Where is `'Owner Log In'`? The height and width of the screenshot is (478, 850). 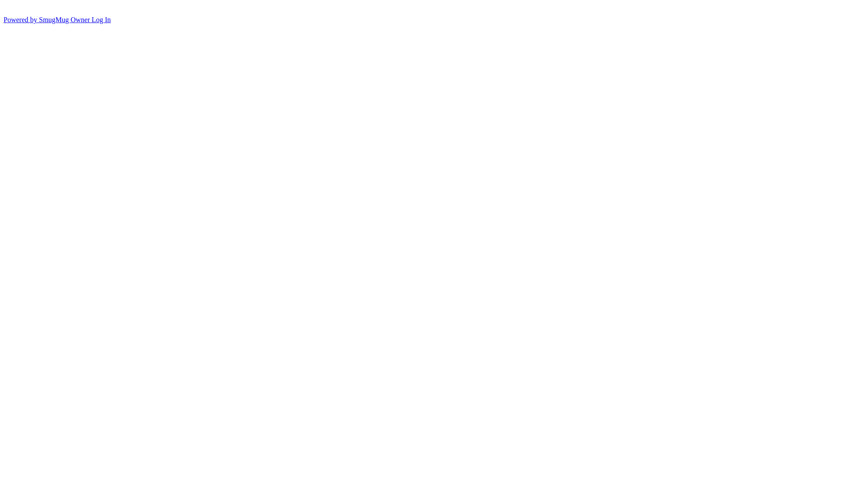
'Owner Log In' is located at coordinates (91, 19).